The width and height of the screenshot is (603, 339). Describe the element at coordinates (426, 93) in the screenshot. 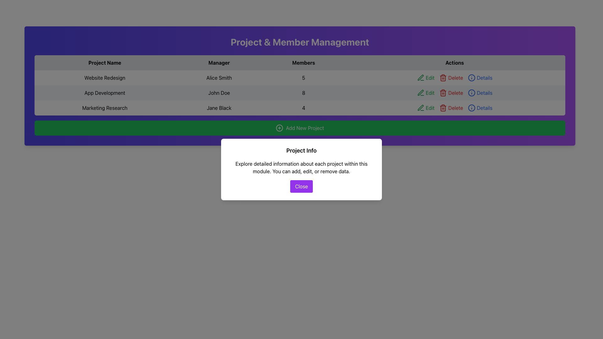

I see `the green 'Edit' button with a pen icon located in the 'Actions' column of the second row` at that location.